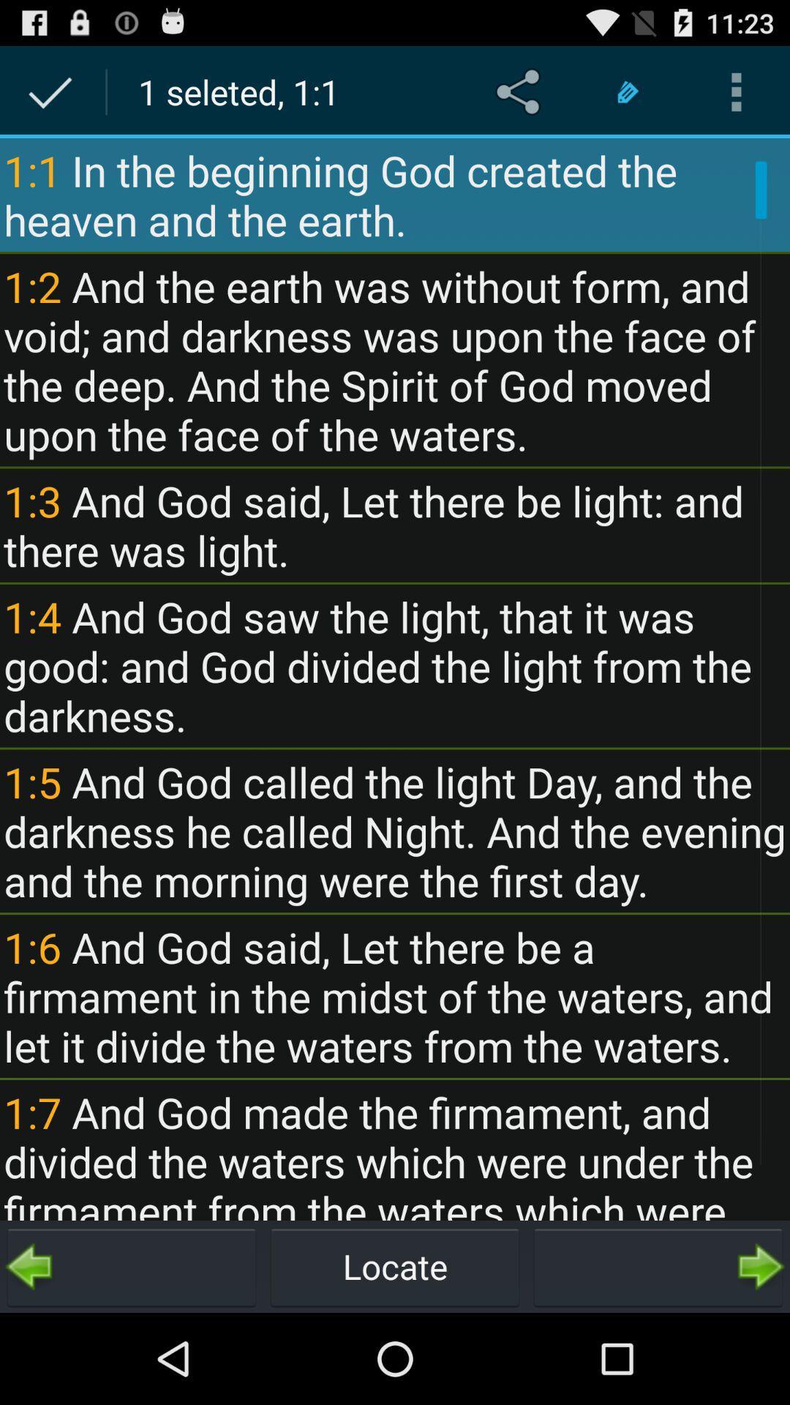 Image resolution: width=790 pixels, height=1405 pixels. What do you see at coordinates (132, 1266) in the screenshot?
I see `button next to the locate` at bounding box center [132, 1266].